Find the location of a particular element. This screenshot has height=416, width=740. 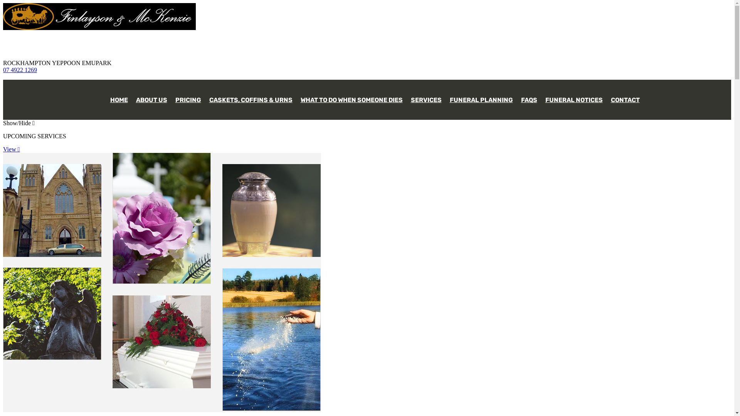

'ABOUT US' is located at coordinates (151, 96).